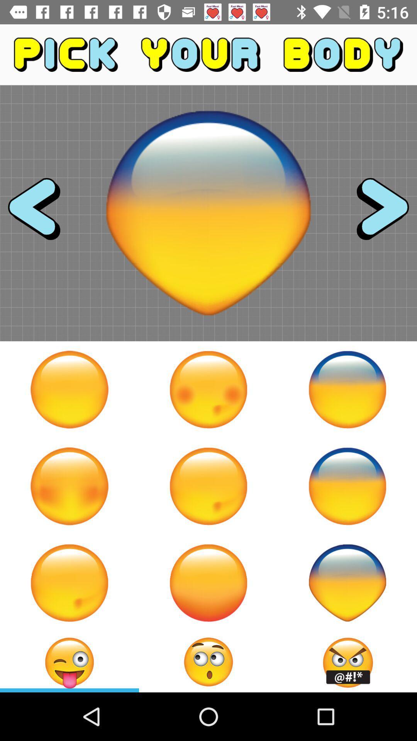 This screenshot has height=741, width=417. Describe the element at coordinates (347, 486) in the screenshot. I see `selects a face type for an emoji` at that location.